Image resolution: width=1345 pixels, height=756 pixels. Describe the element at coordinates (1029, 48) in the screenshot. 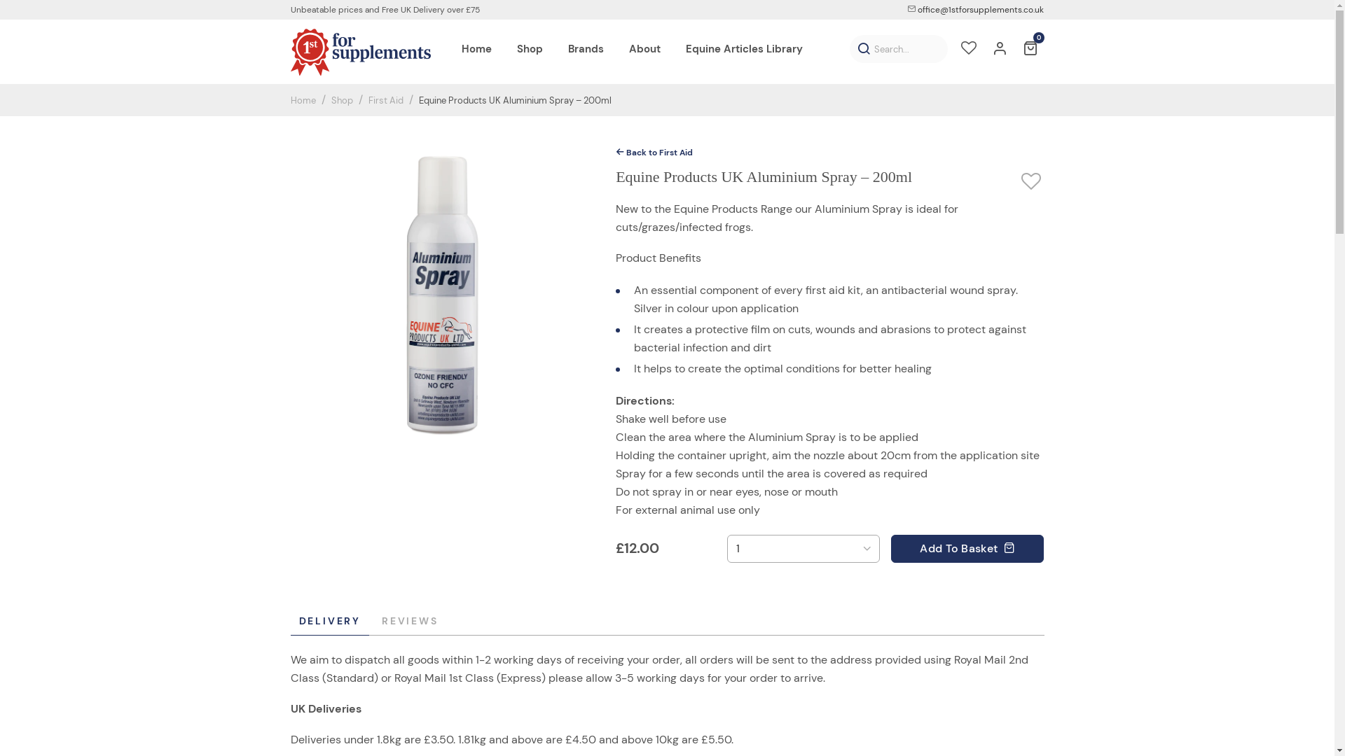

I see `'0'` at that location.